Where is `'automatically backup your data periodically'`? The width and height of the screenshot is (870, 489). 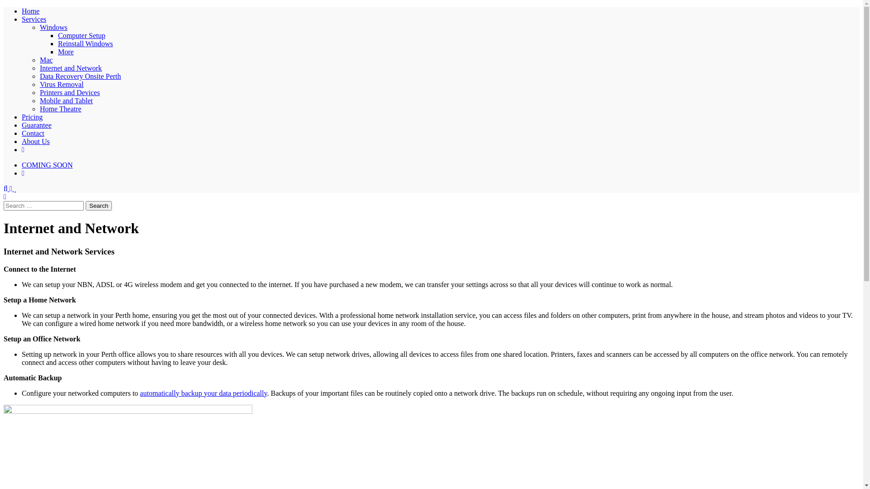 'automatically backup your data periodically' is located at coordinates (139, 393).